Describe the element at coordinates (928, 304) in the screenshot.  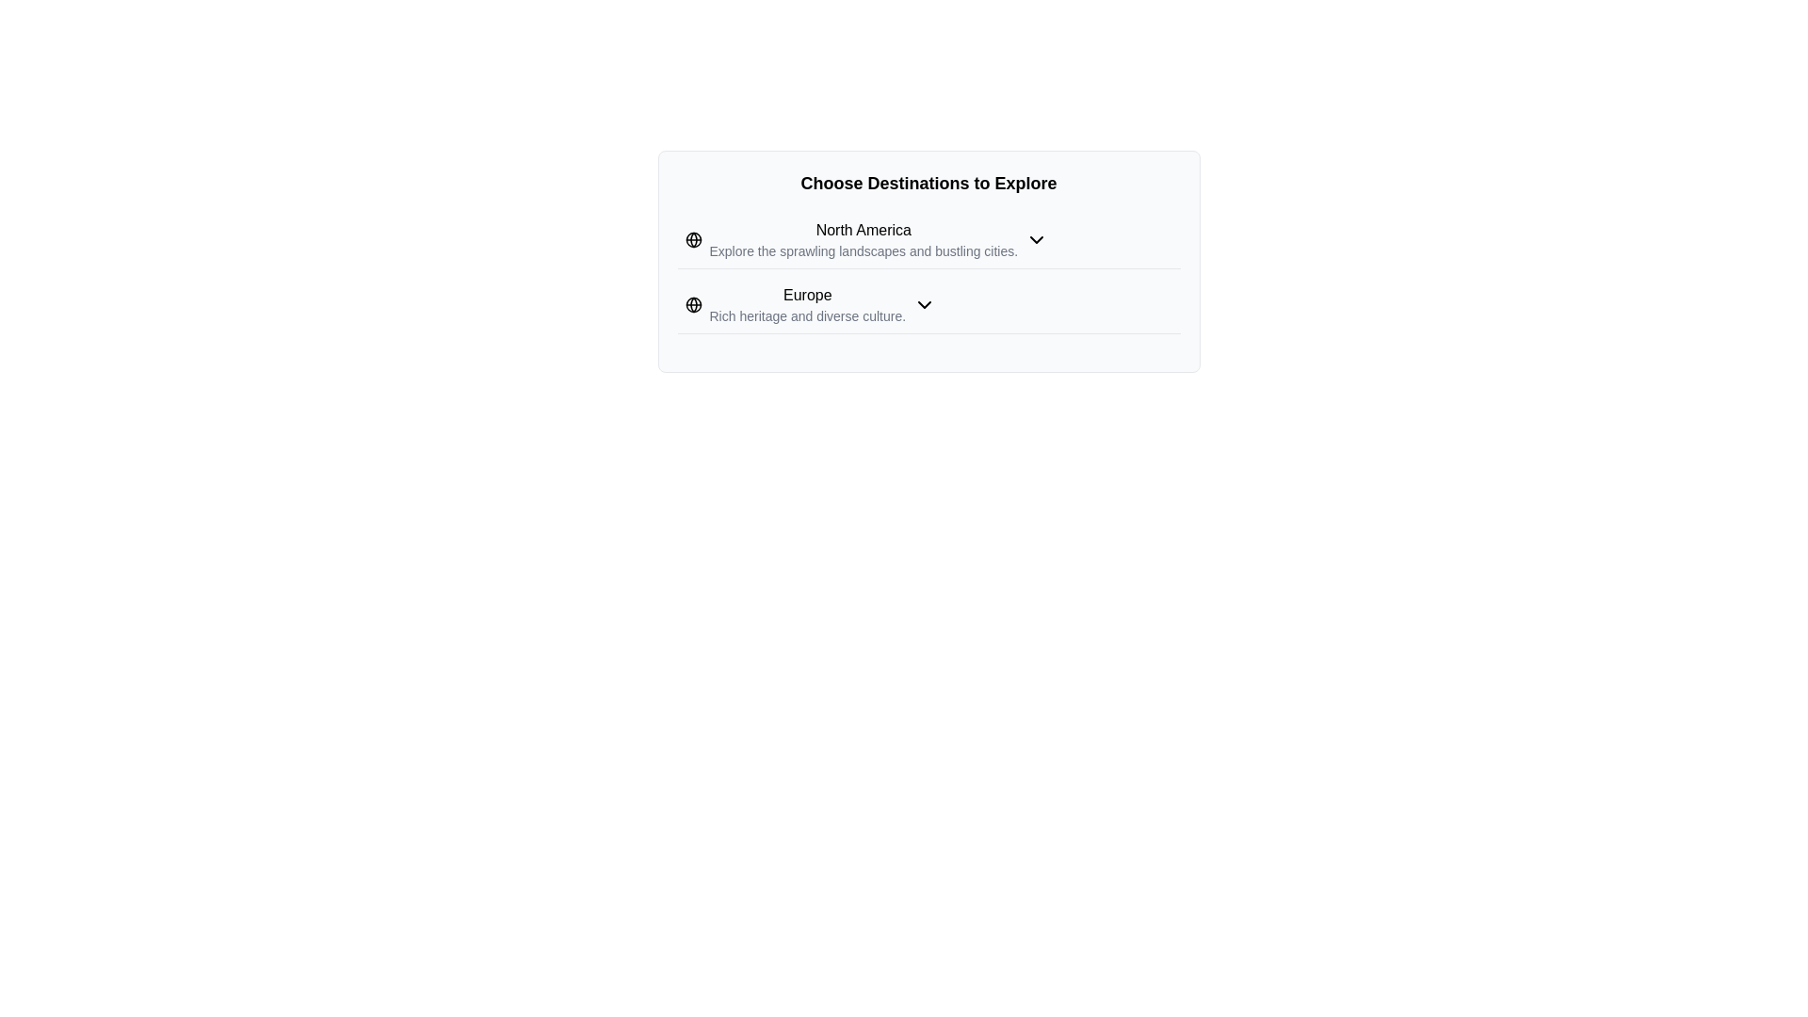
I see `the second destination option in the interactive list for Europe, located directly below the 'North America' choice` at that location.